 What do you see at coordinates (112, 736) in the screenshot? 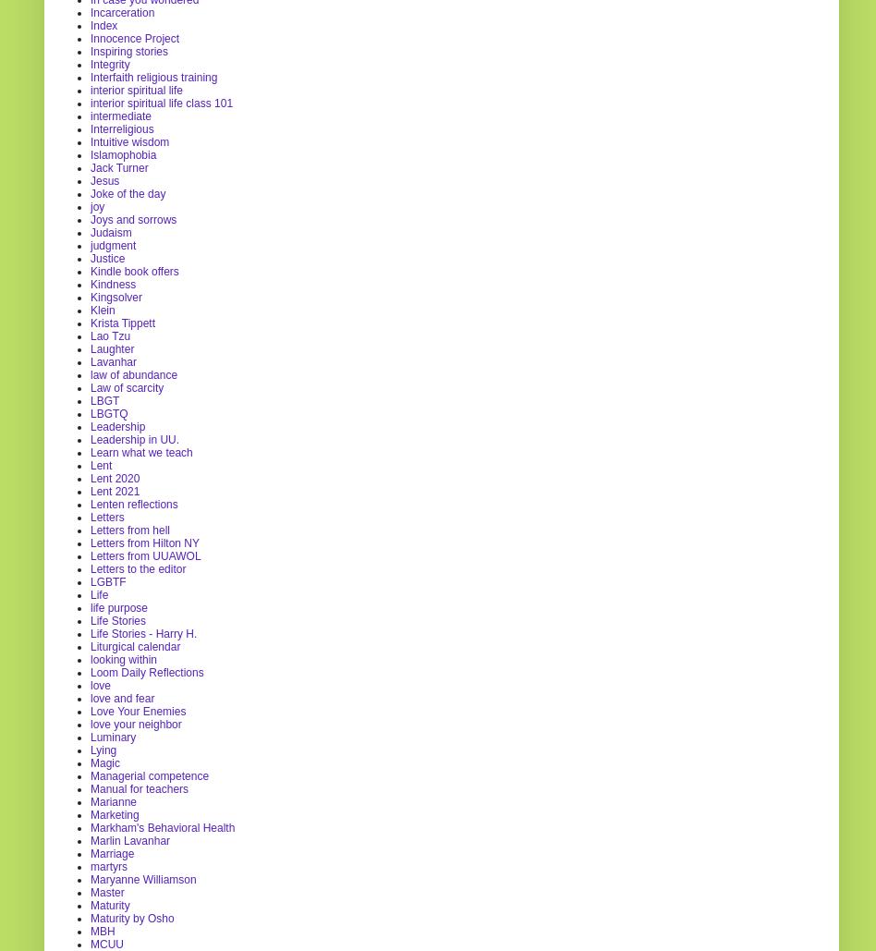
I see `'Luminary'` at bounding box center [112, 736].